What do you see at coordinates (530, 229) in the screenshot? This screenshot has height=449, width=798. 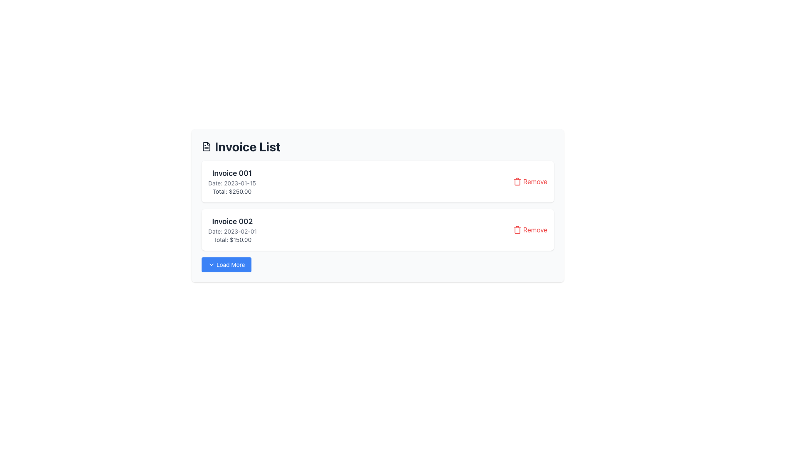 I see `the 'Remove' button, styled as a text link in red with a trash can icon, located on the far-right side of the second row of invoice entries` at bounding box center [530, 229].